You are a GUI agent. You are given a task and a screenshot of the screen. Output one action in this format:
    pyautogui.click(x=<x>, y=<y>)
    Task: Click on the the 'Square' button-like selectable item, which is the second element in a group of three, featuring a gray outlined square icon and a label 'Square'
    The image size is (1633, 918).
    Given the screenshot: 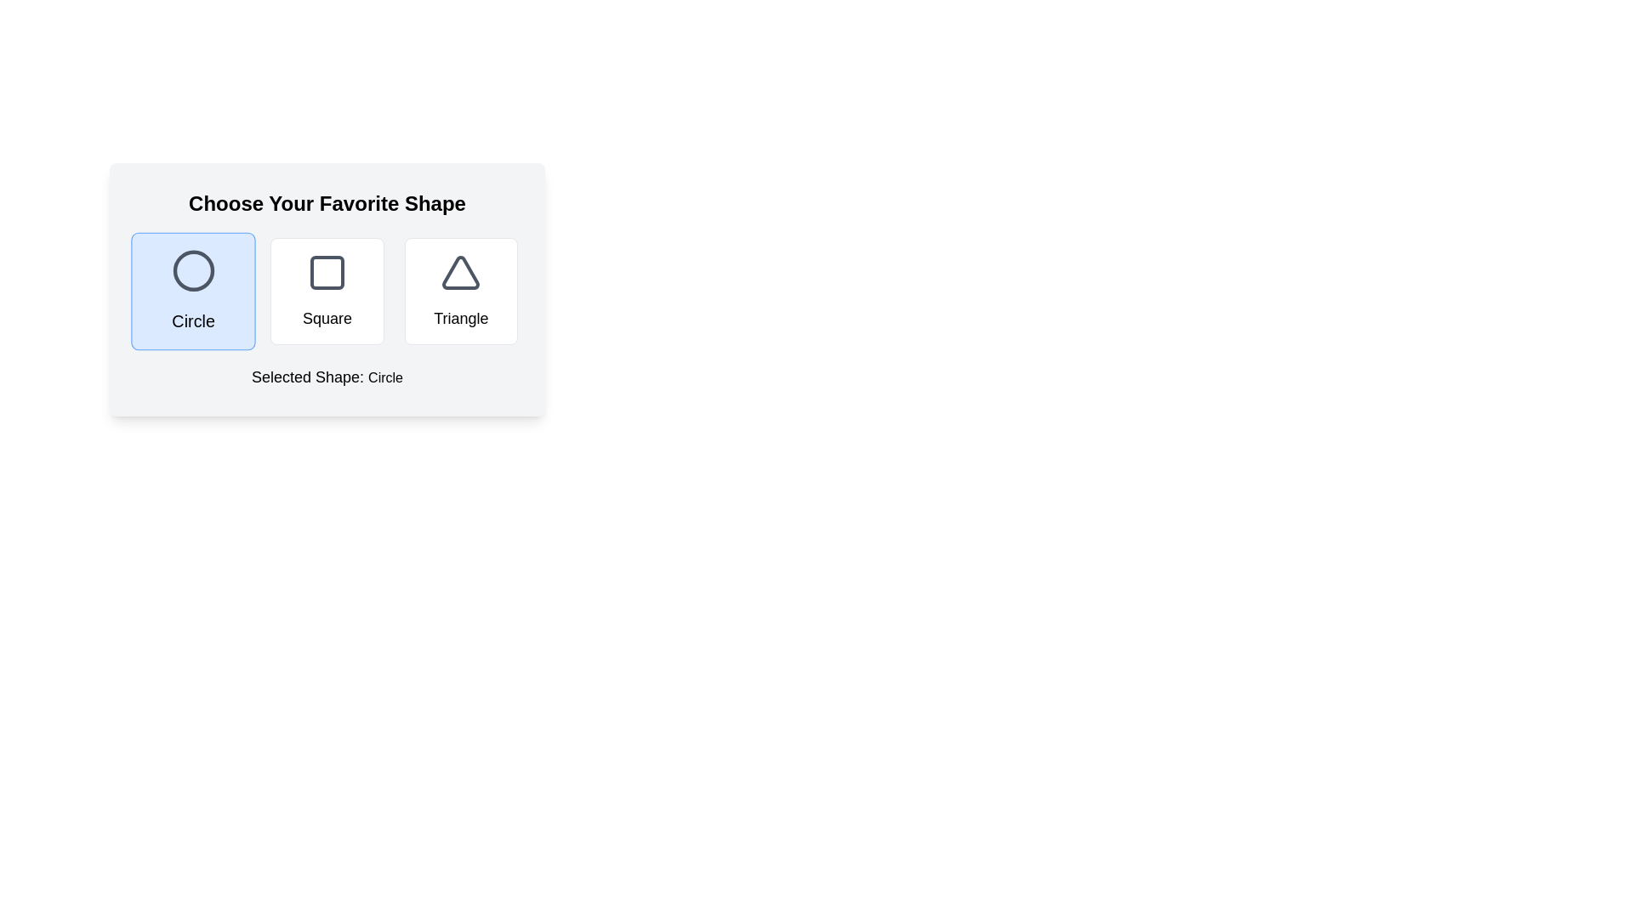 What is the action you would take?
    pyautogui.click(x=327, y=291)
    